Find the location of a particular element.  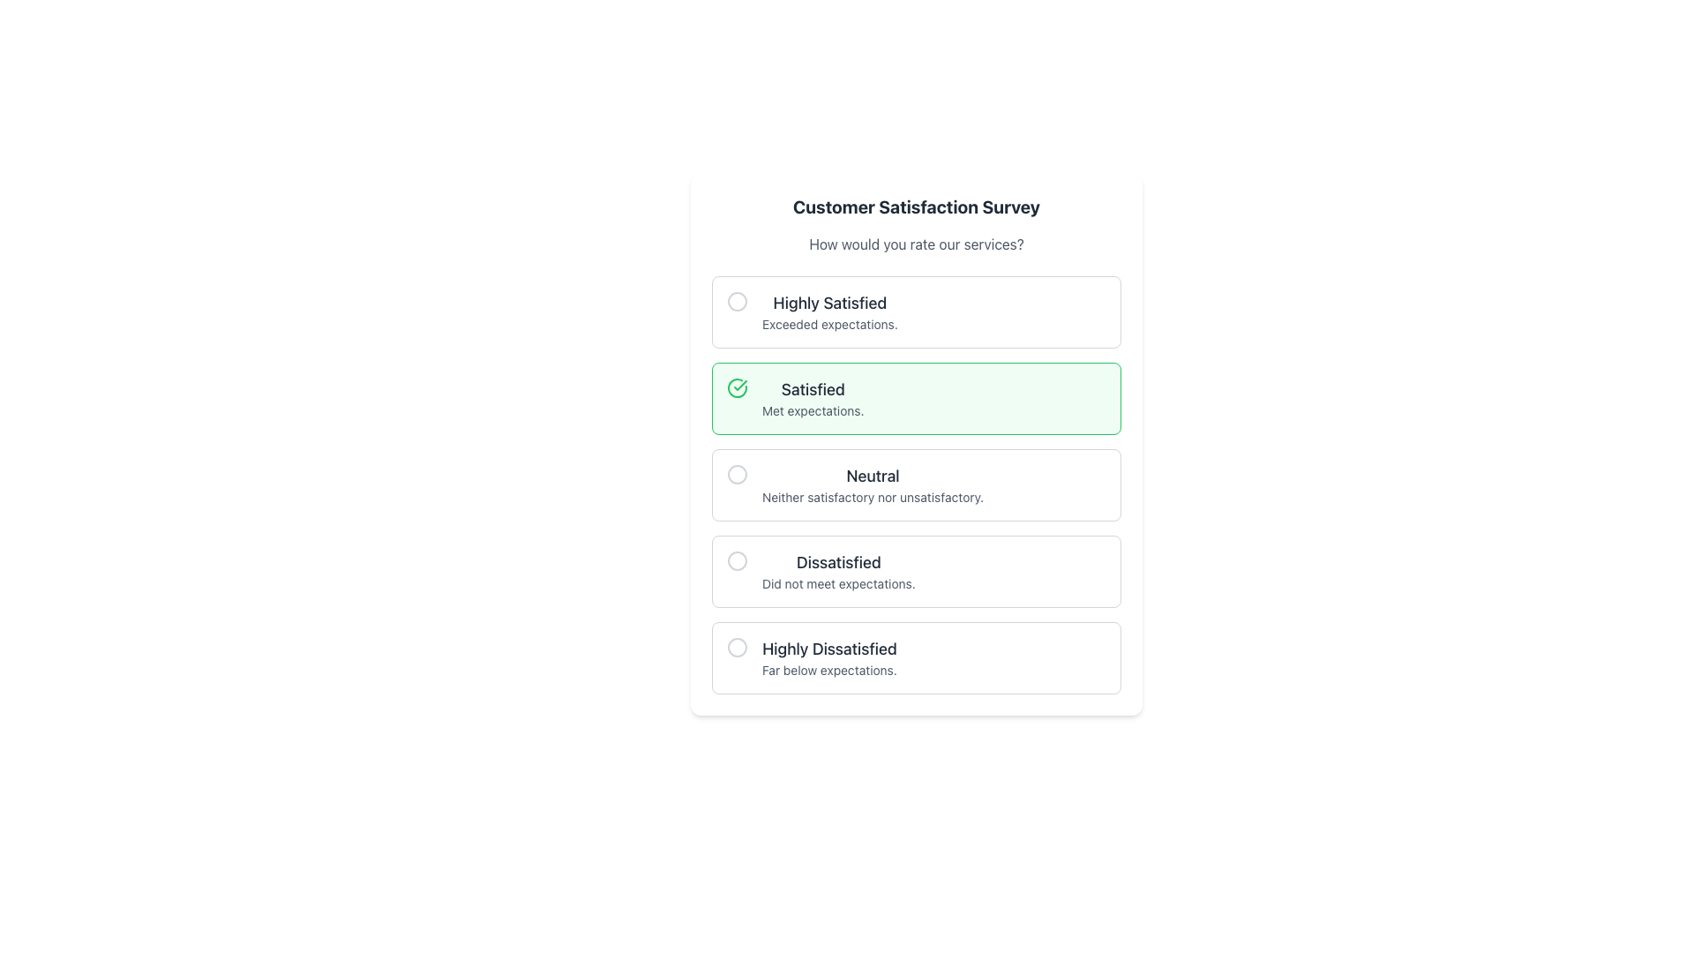

the text label that states 'Did not meet expectations.' located directly below the 'Dissatisfied' label in the customer satisfaction survey is located at coordinates (837, 584).